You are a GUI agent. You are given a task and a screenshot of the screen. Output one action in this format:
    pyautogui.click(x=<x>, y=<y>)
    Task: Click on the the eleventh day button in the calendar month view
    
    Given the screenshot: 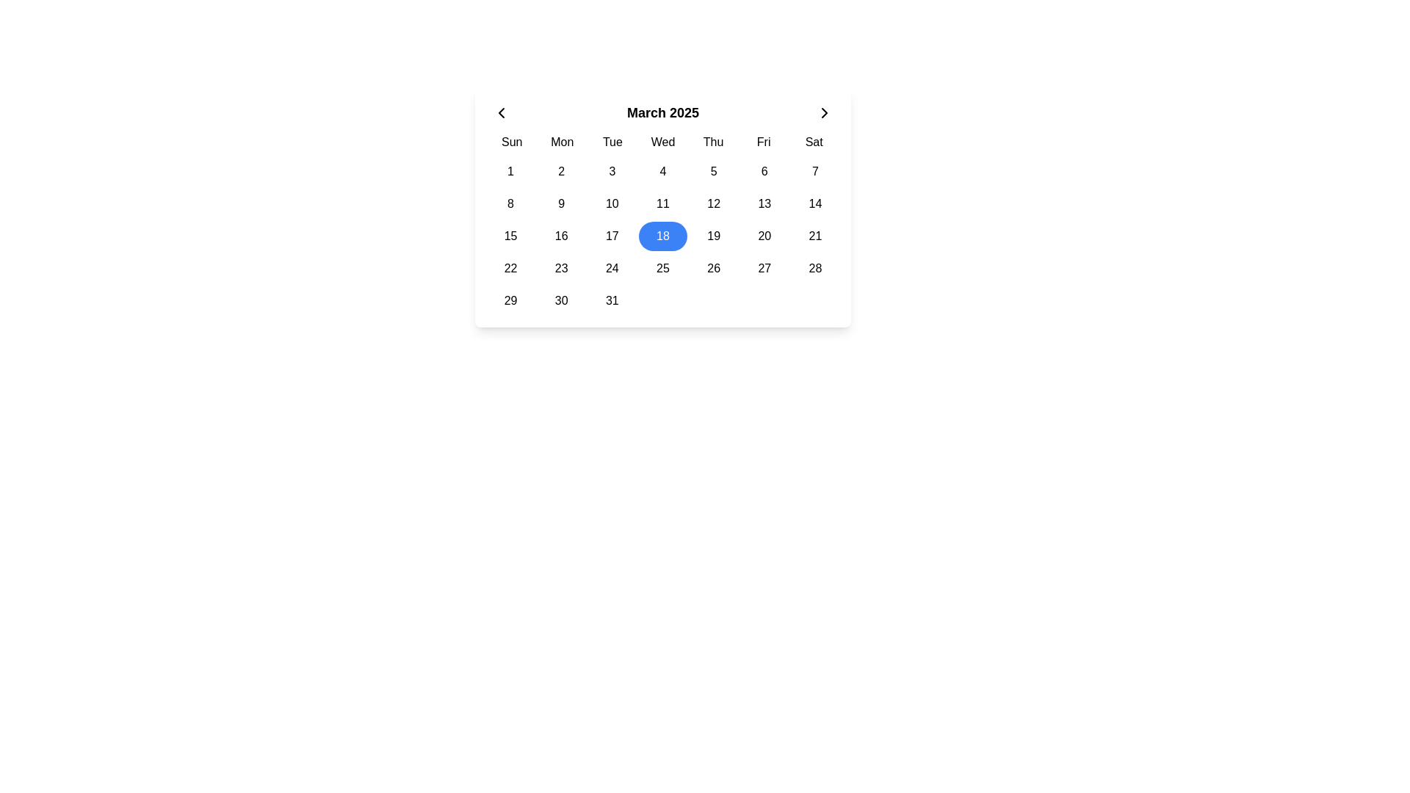 What is the action you would take?
    pyautogui.click(x=662, y=203)
    